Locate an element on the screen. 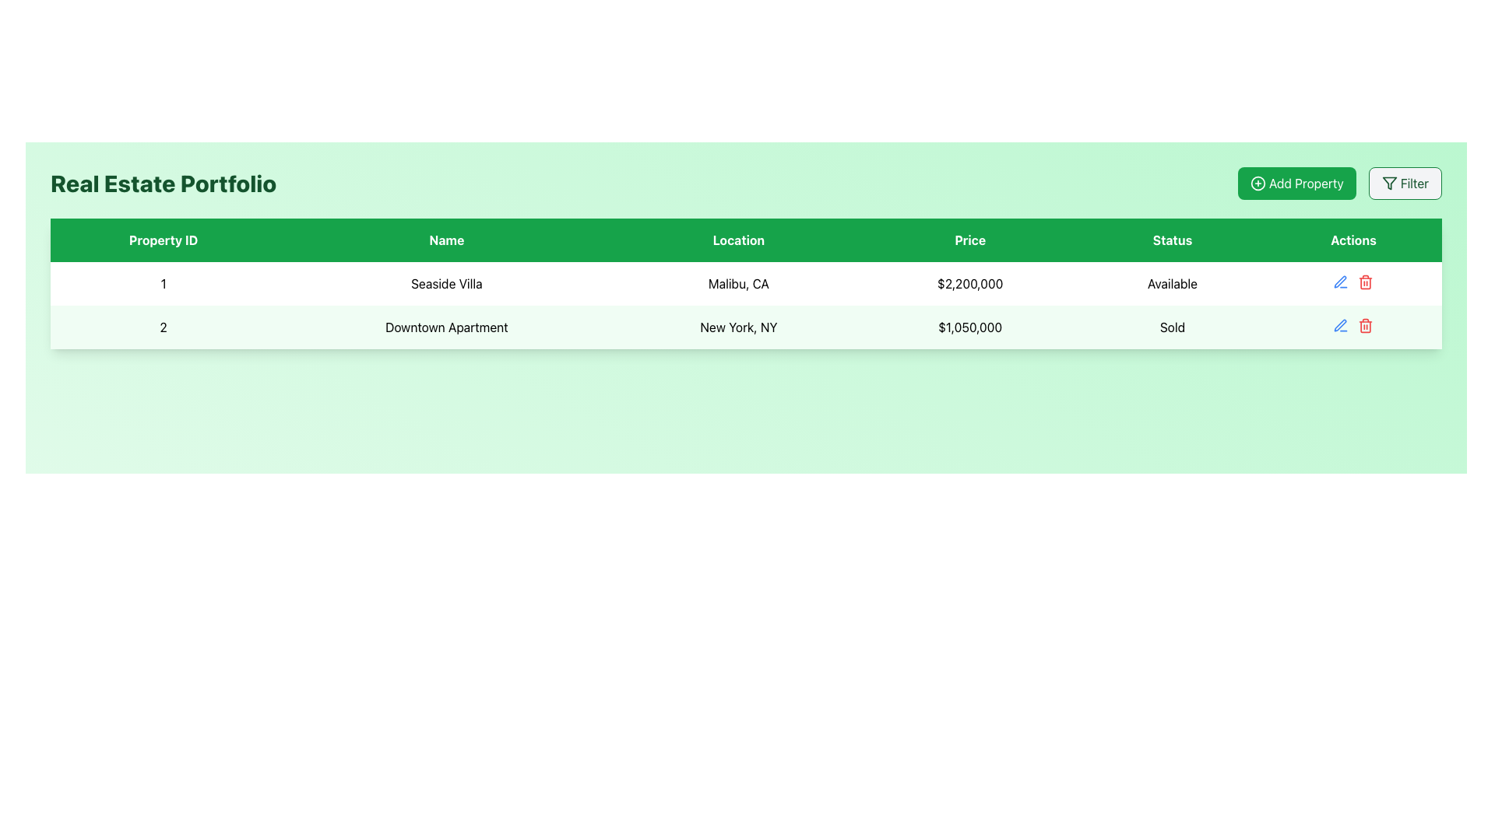 This screenshot has height=840, width=1495. the text label displaying 'Available' in the fifth column of the row for 'Seaside Villa' in the 'Status' column of the table is located at coordinates (1172, 284).